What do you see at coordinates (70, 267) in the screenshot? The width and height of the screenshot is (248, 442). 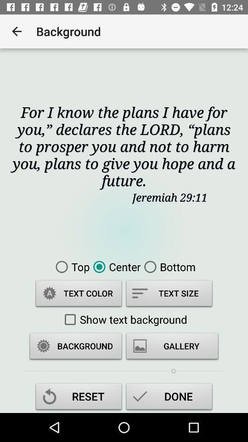 I see `the top icon` at bounding box center [70, 267].